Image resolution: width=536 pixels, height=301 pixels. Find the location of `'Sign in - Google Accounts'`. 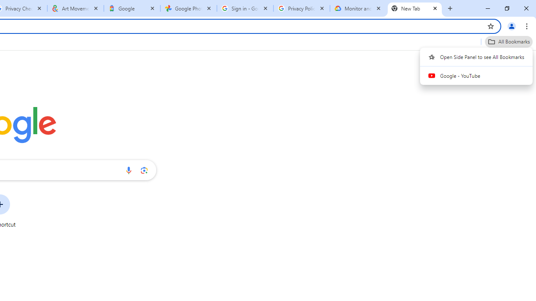

'Sign in - Google Accounts' is located at coordinates (245, 8).